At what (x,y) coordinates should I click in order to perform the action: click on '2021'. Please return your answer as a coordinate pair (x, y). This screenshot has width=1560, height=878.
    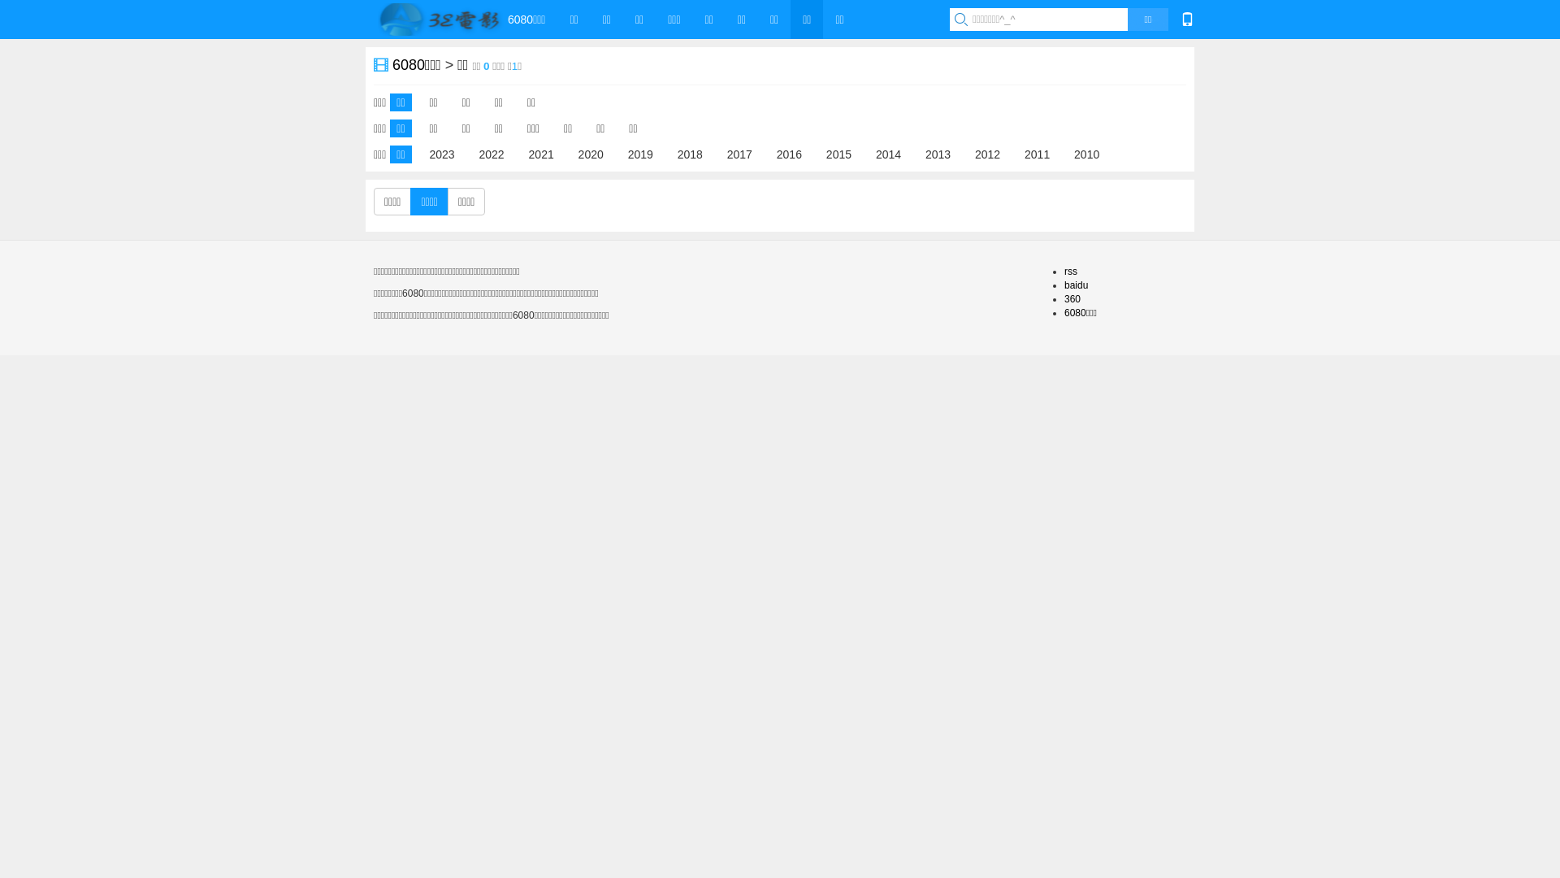
    Looking at the image, I should click on (522, 154).